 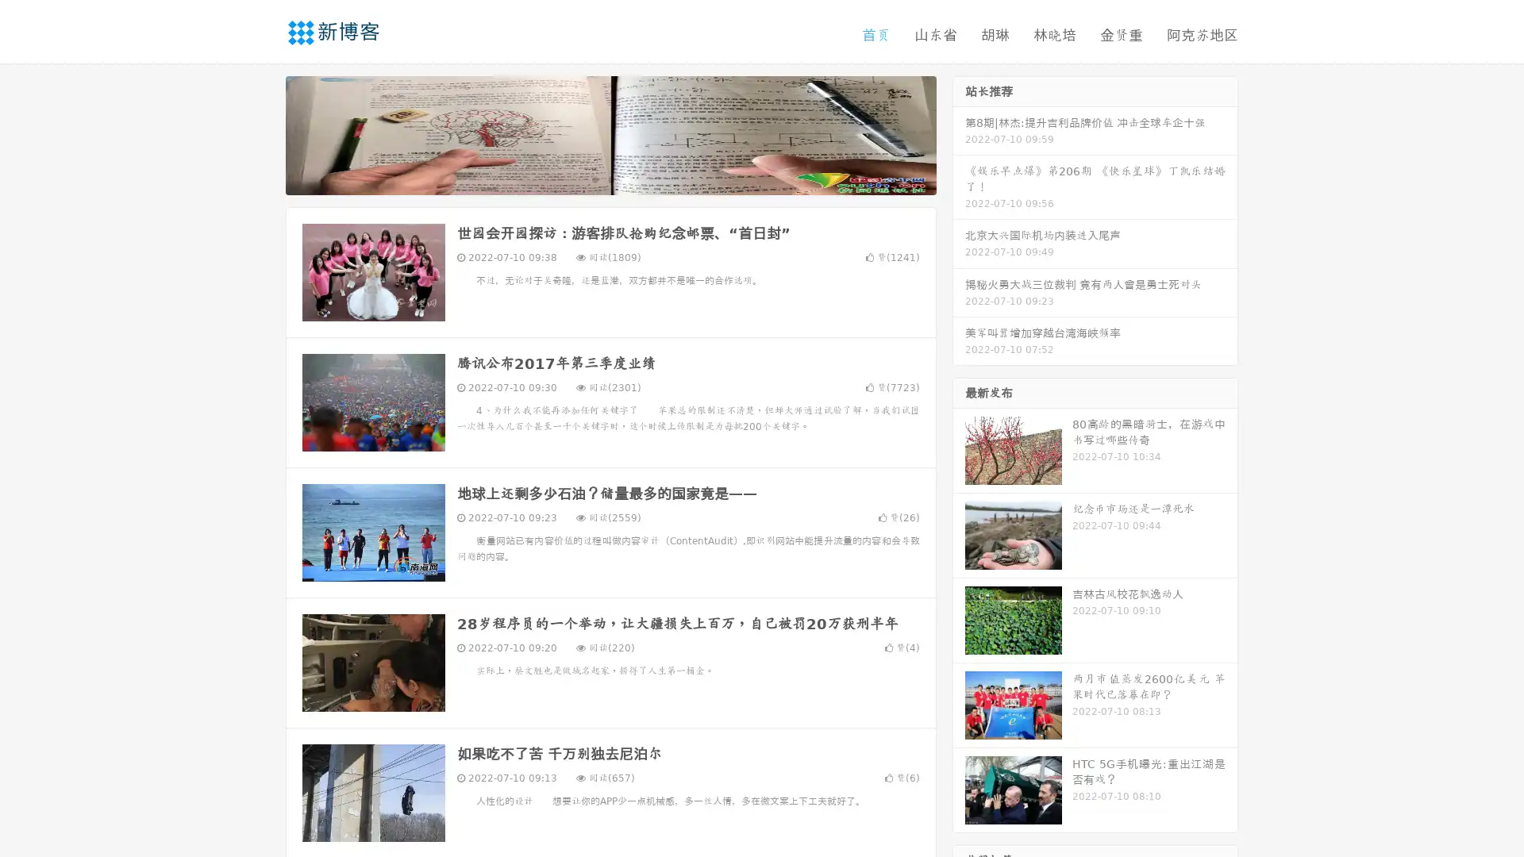 What do you see at coordinates (262, 133) in the screenshot?
I see `Previous slide` at bounding box center [262, 133].